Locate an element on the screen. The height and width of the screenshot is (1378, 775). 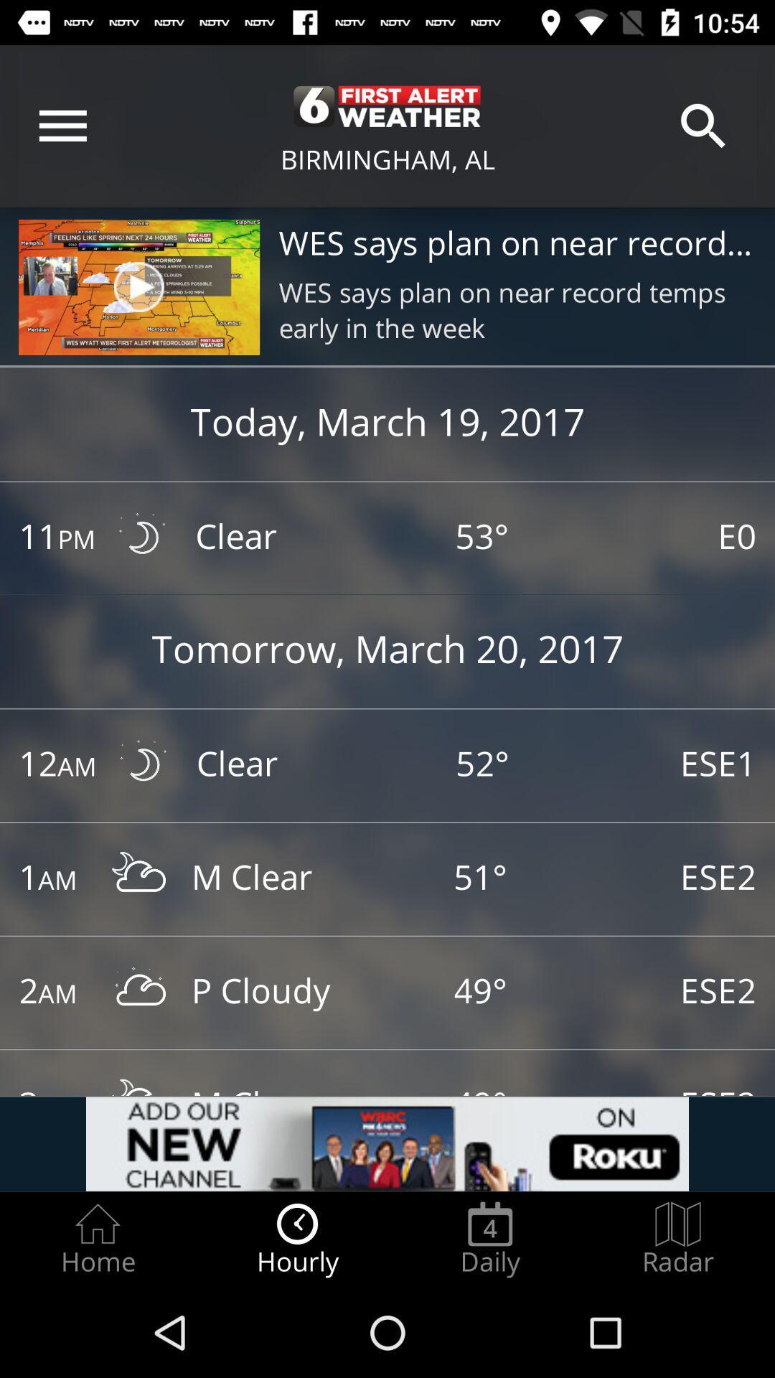
radio button to the left of hourly item is located at coordinates (97, 1239).